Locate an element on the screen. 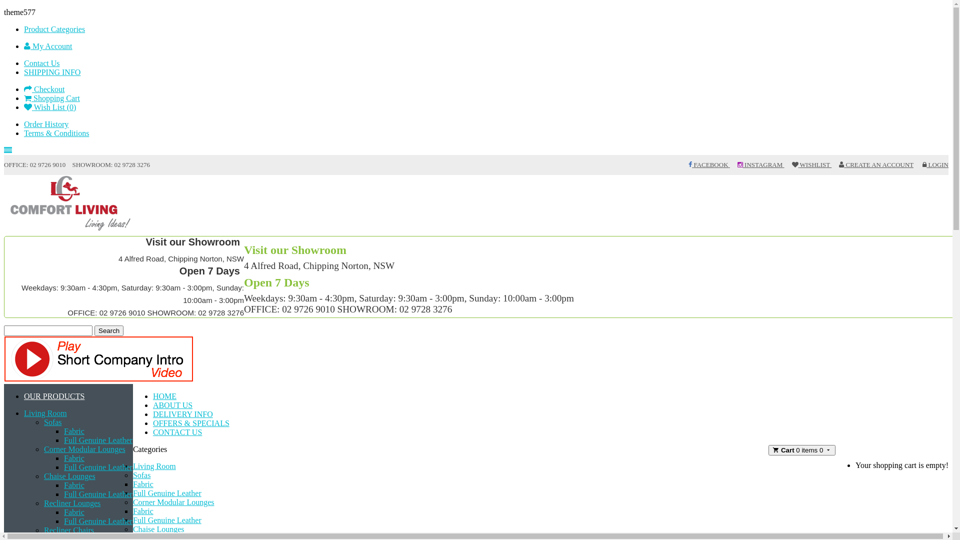 Image resolution: width=960 pixels, height=540 pixels. 'CREATE AN ACCOUNT' is located at coordinates (875, 164).